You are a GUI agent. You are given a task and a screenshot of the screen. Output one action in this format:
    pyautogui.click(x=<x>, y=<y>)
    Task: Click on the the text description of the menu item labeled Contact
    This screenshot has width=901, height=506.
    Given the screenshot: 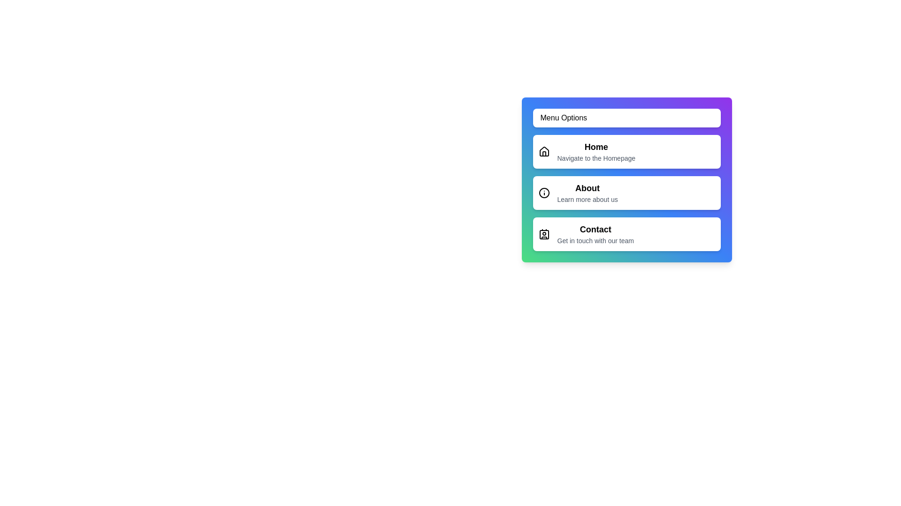 What is the action you would take?
    pyautogui.click(x=595, y=240)
    